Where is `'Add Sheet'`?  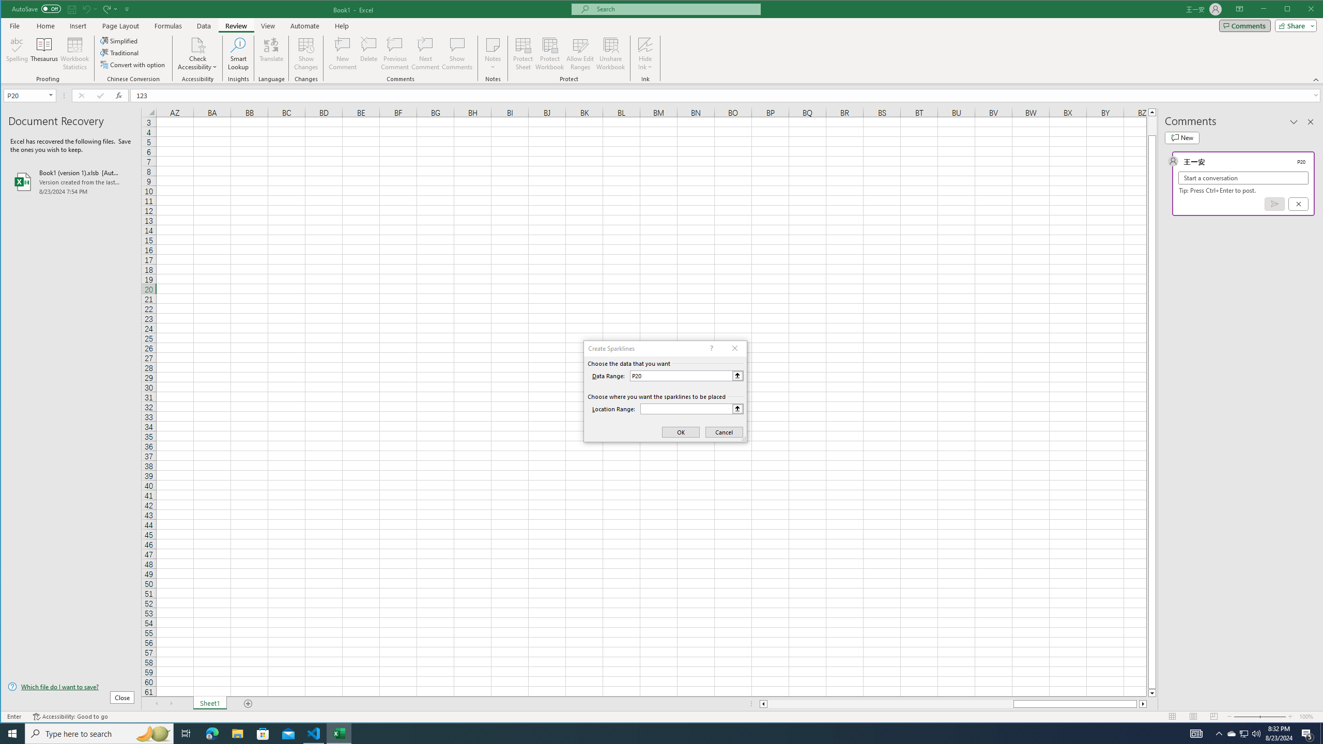 'Add Sheet' is located at coordinates (248, 704).